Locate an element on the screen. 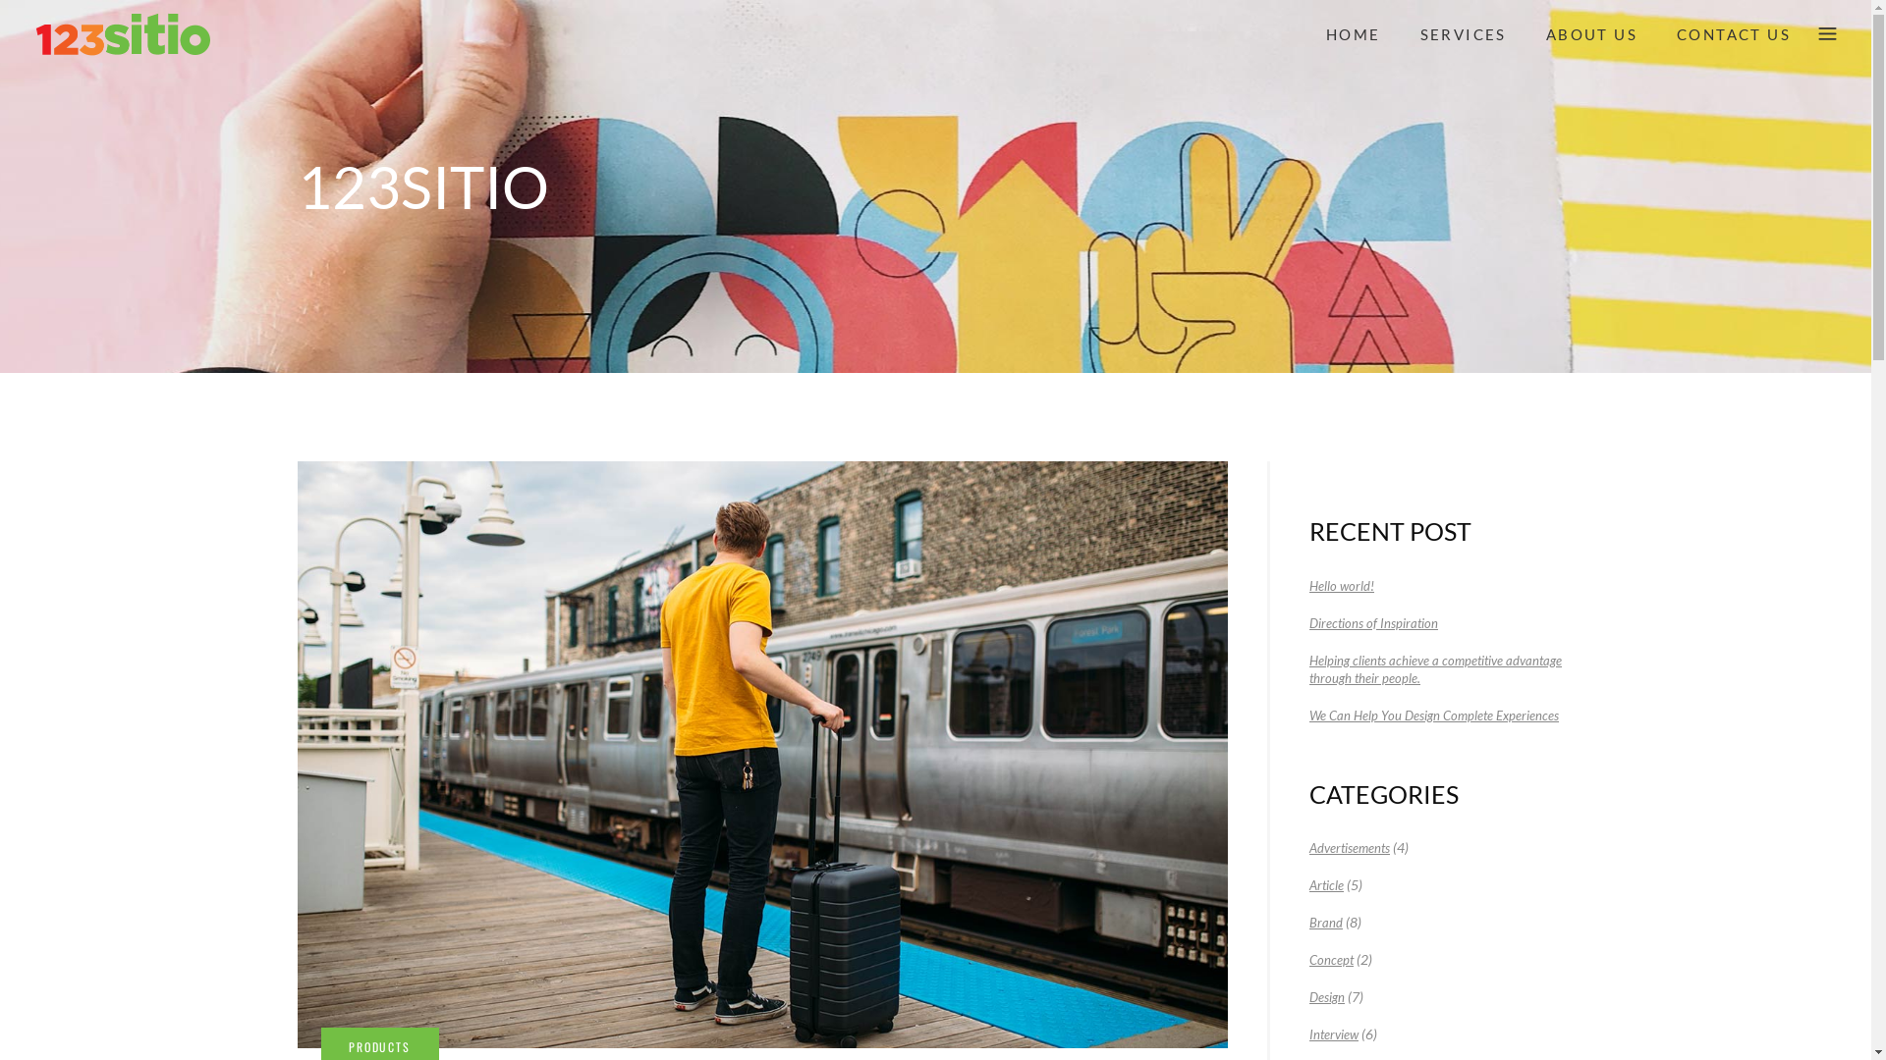  'SERVICES' is located at coordinates (1463, 33).